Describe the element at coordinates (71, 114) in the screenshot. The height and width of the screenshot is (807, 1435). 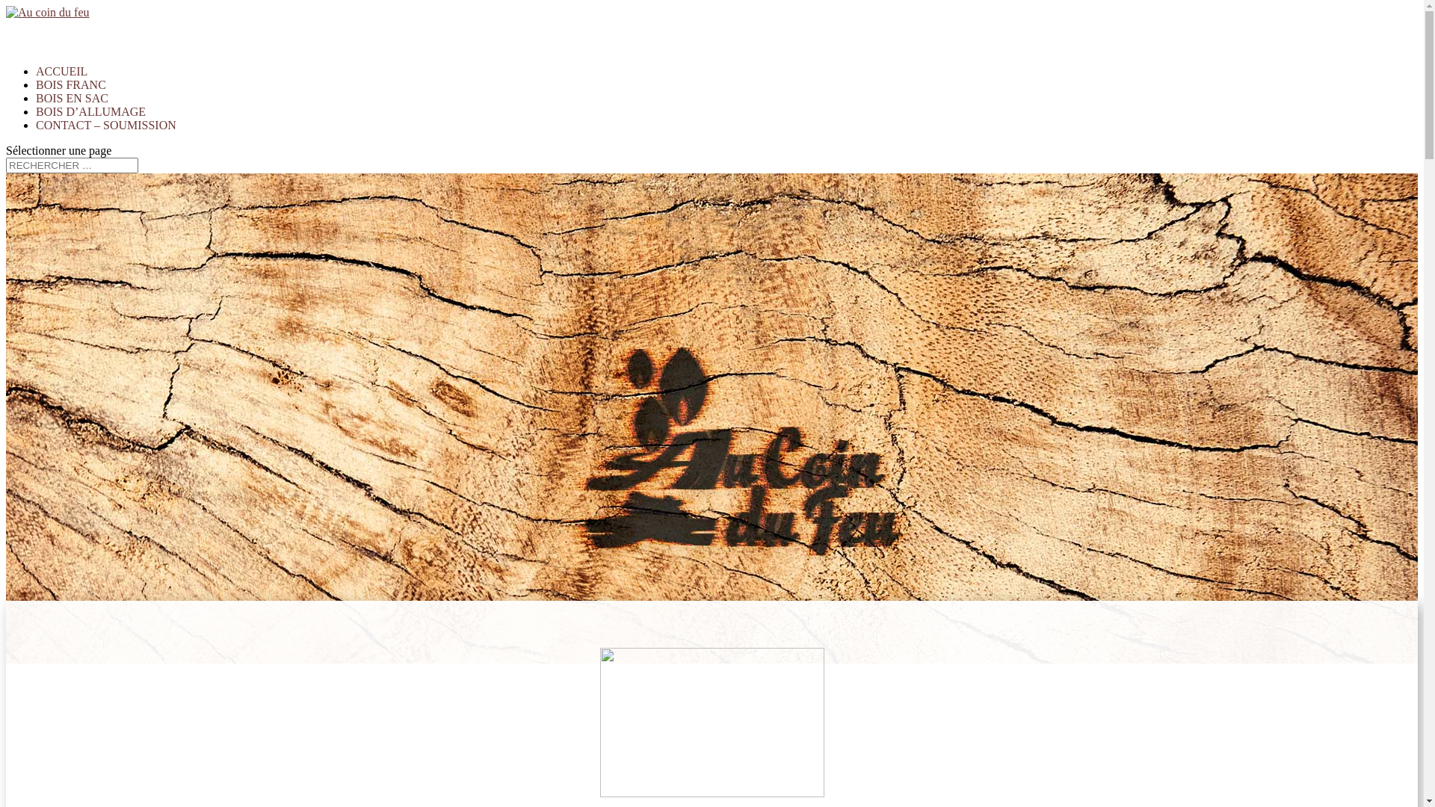
I see `'BOIS EN SAC'` at that location.